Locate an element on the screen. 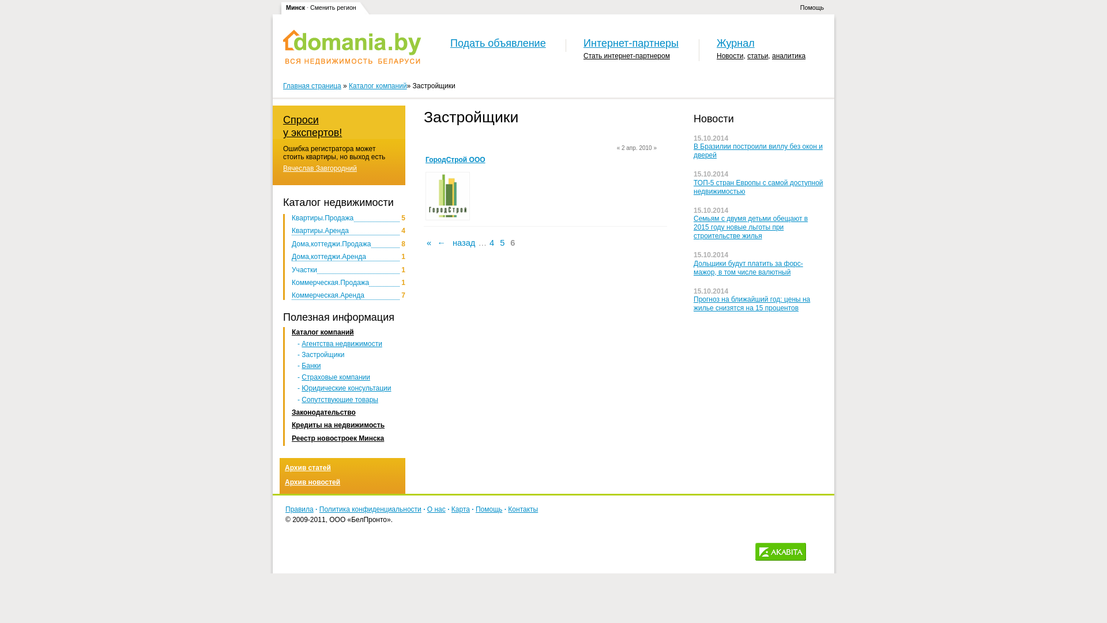 The height and width of the screenshot is (623, 1107). '4' is located at coordinates (492, 242).